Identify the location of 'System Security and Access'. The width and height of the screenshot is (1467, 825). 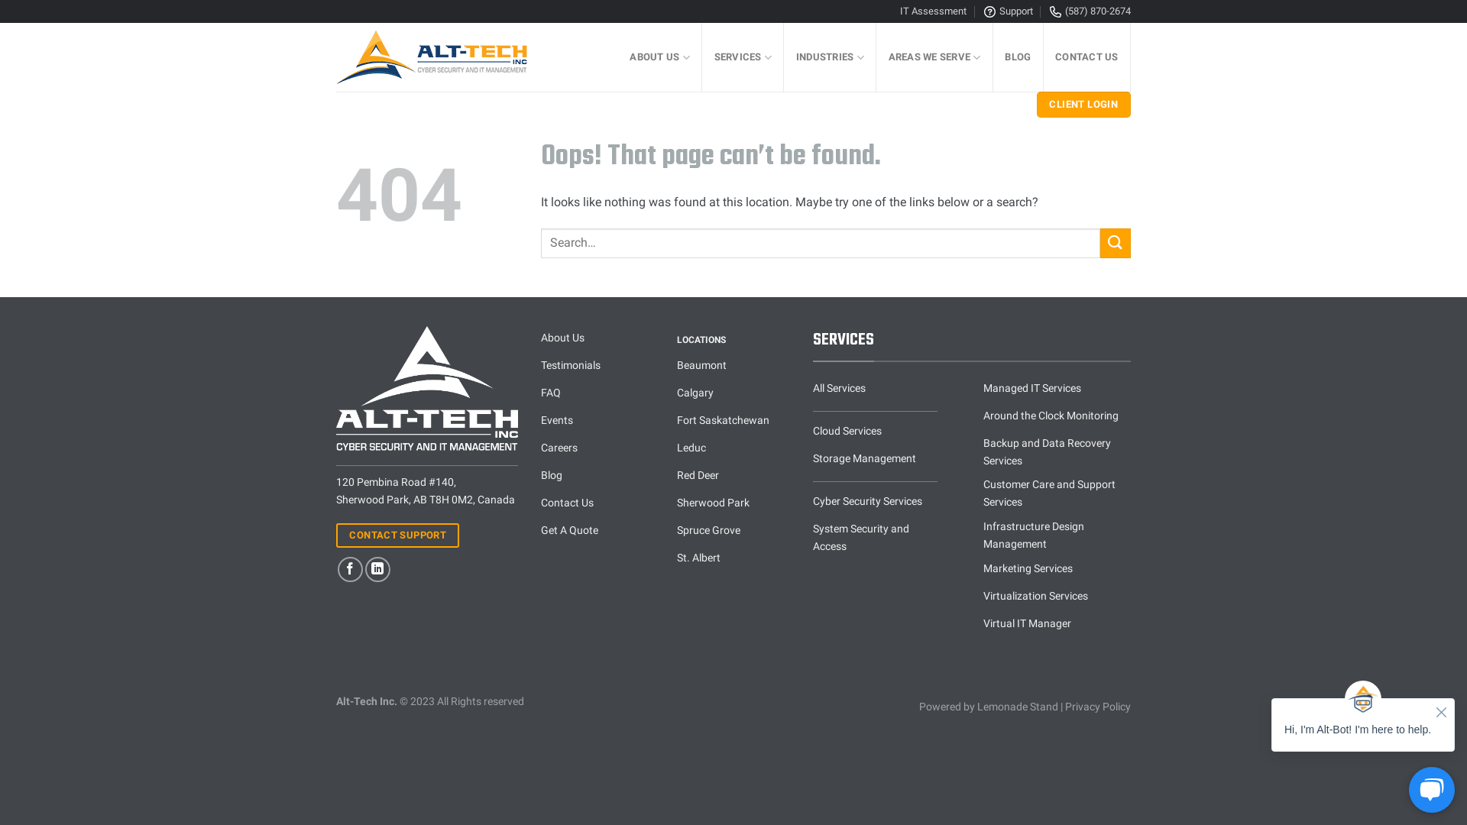
(875, 537).